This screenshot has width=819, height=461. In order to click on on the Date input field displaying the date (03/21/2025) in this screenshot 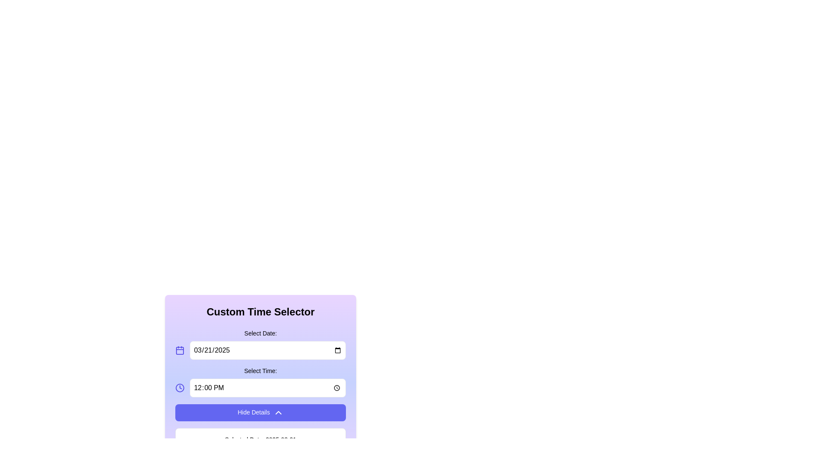, I will do `click(267, 350)`.